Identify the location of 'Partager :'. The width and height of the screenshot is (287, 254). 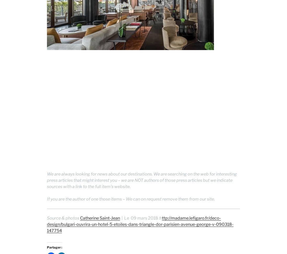
(55, 247).